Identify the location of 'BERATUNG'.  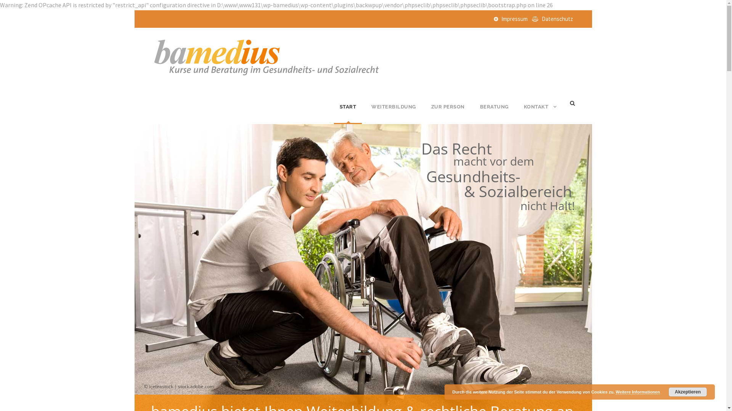
(494, 113).